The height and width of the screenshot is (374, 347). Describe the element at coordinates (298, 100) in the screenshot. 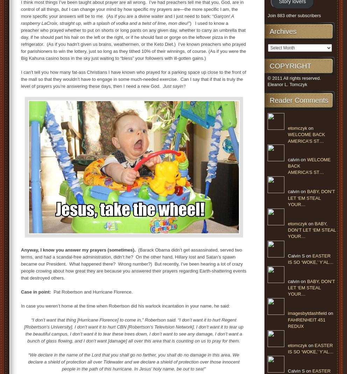

I see `'Reader Comments'` at that location.